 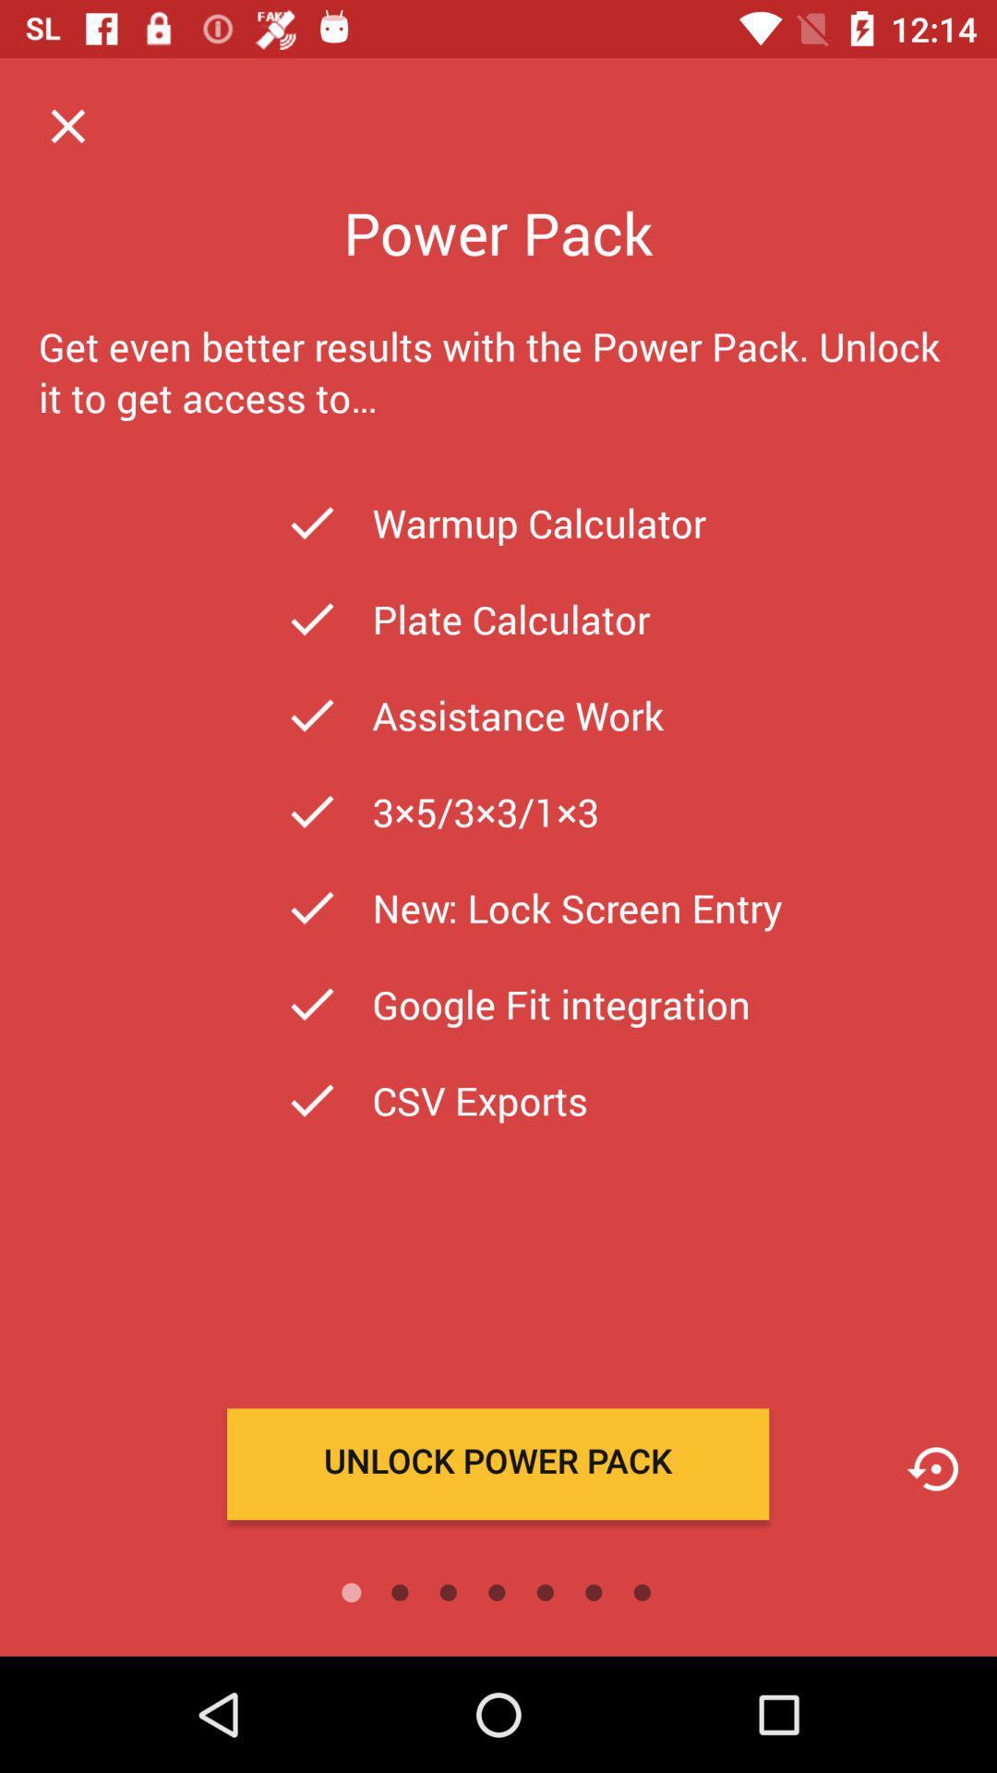 What do you see at coordinates (932, 1468) in the screenshot?
I see `icon page` at bounding box center [932, 1468].